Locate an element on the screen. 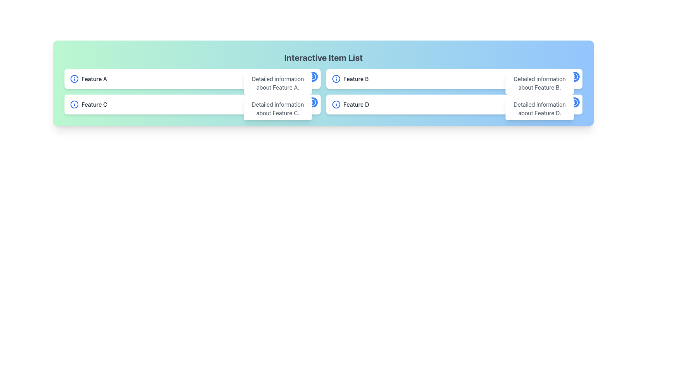 The image size is (684, 384). blue circular SVG icon next to 'Feature C' in the second row of the 'Interactive Item List' is located at coordinates (313, 102).